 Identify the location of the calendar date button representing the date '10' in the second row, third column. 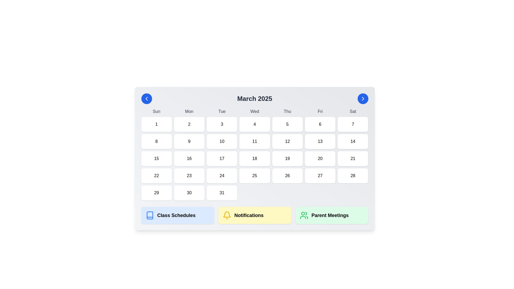
(222, 141).